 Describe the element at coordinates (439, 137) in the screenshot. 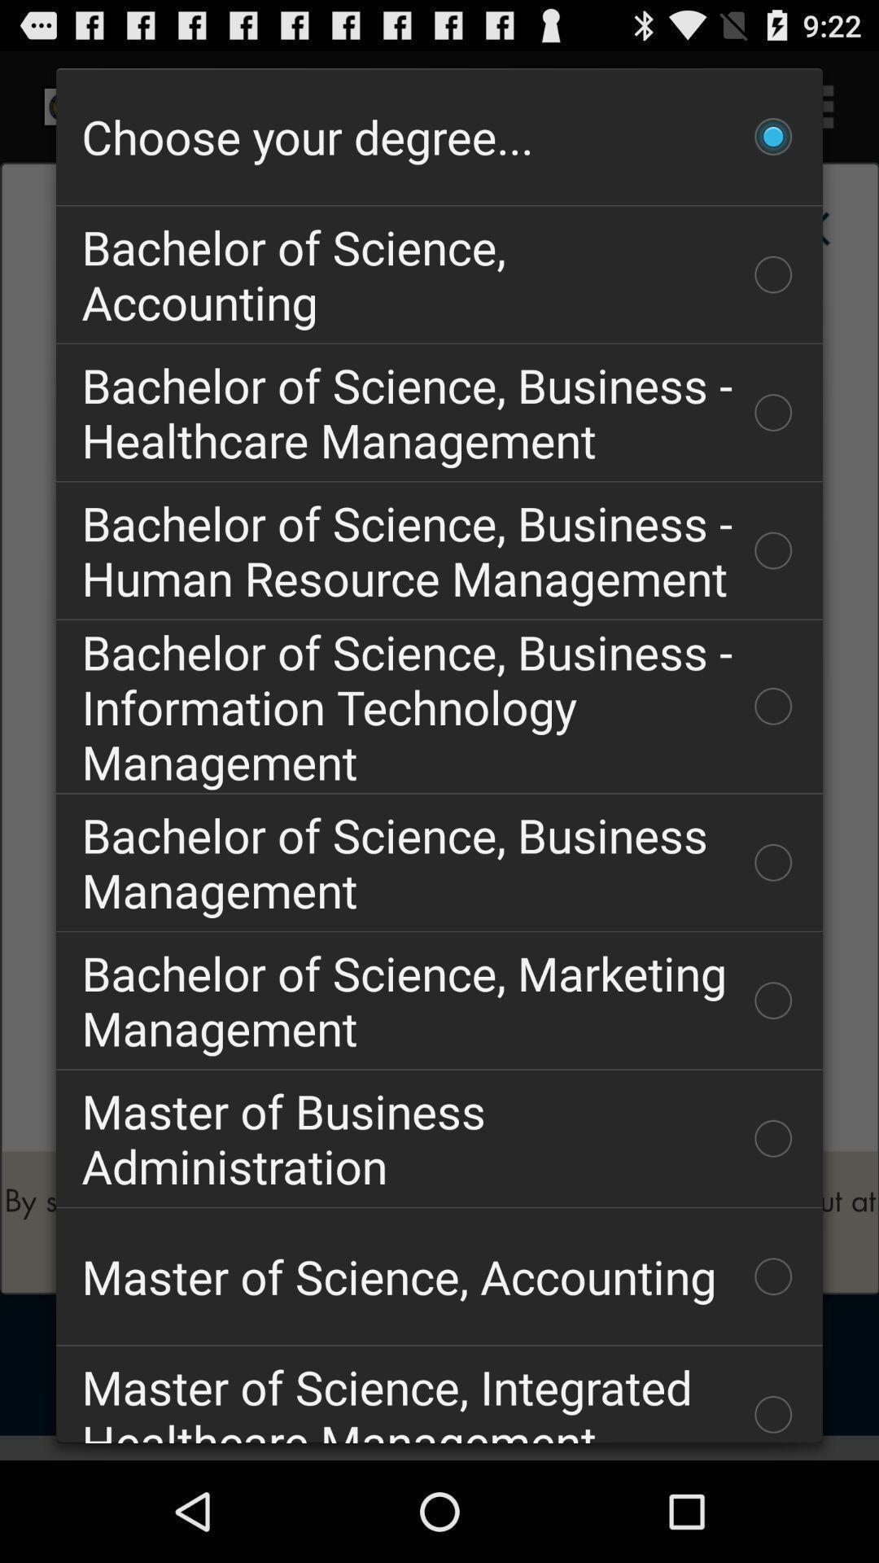

I see `icon above bachelor of science` at that location.